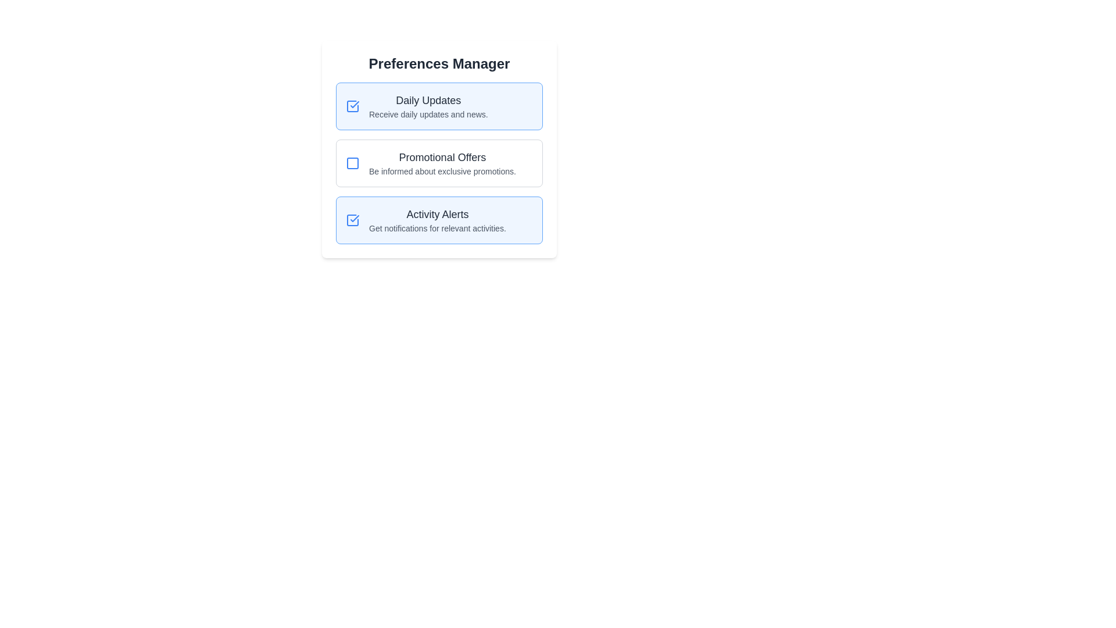 The image size is (1116, 628). Describe the element at coordinates (352, 106) in the screenshot. I see `the checkbox for toggling subscription status located in the 'Daily Updates' card` at that location.